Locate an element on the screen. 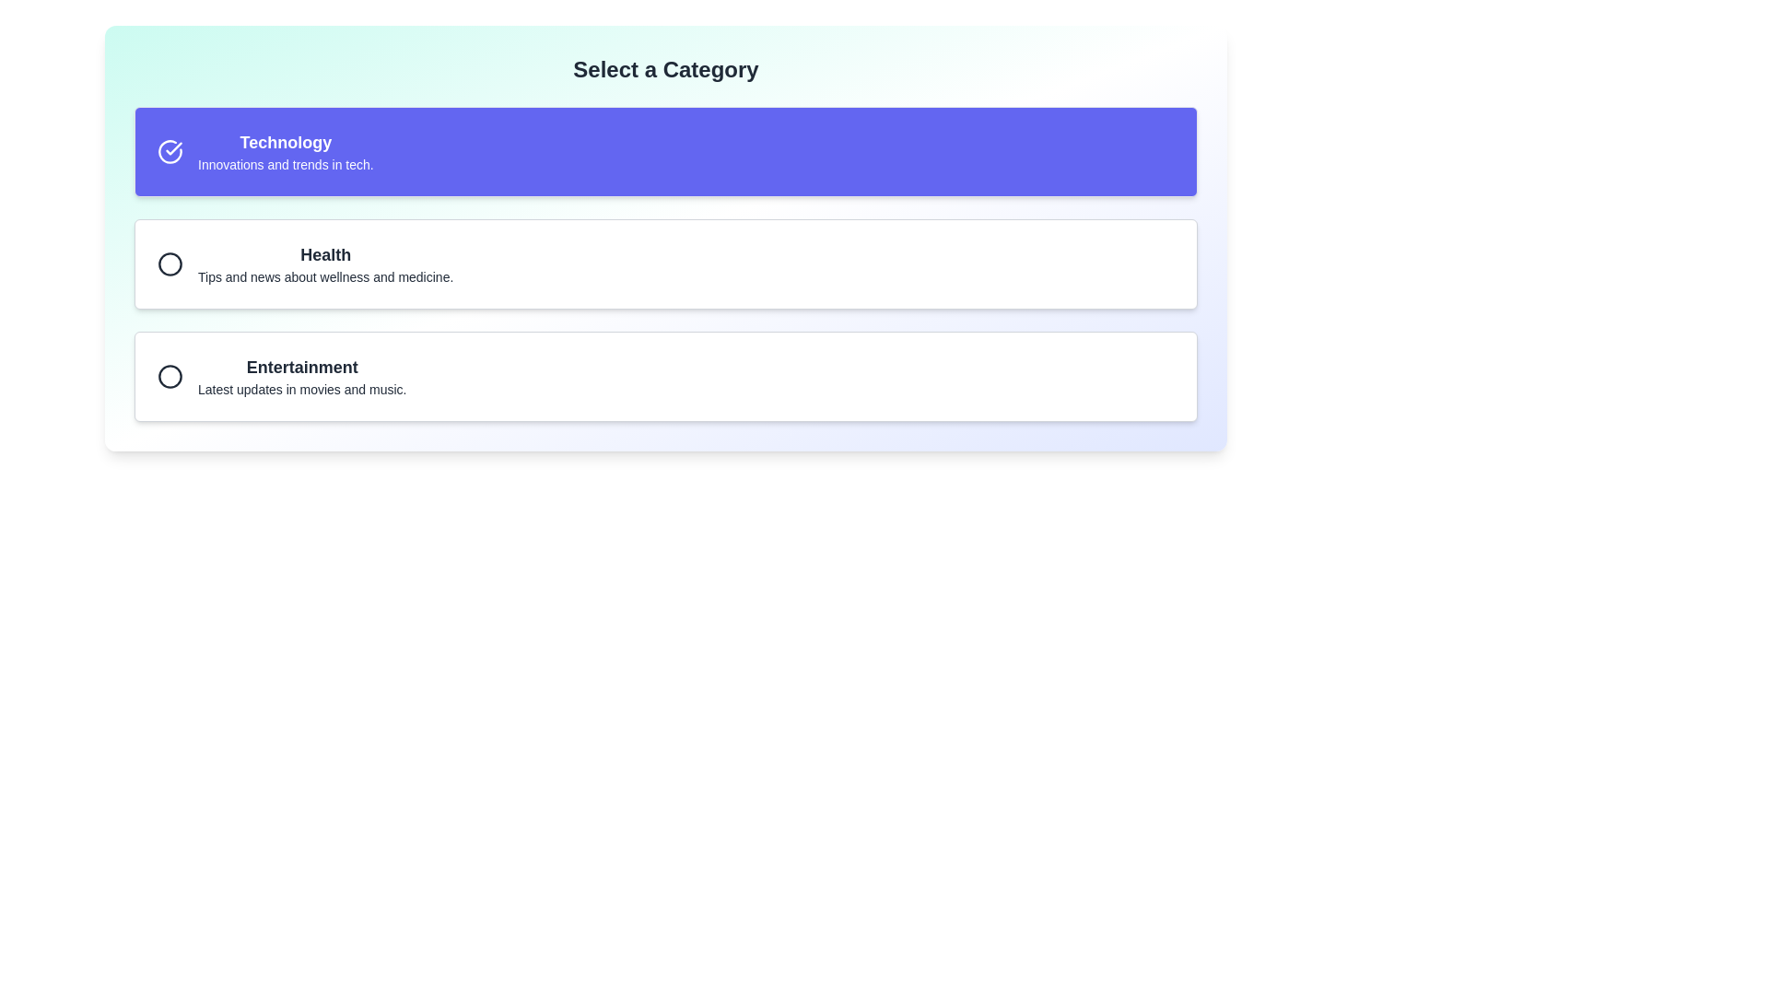 The image size is (1769, 995). the text label displaying 'Latest updates in movies and music.' positioned below the 'Entertainment' heading is located at coordinates (302, 389).